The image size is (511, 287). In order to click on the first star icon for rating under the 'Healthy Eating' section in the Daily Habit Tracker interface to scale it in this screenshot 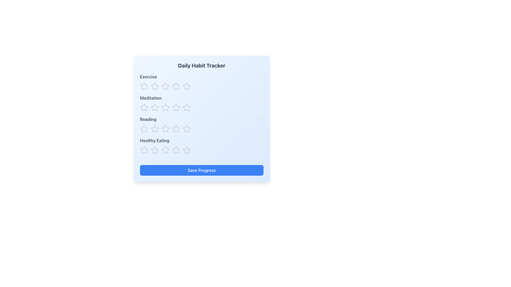, I will do `click(144, 150)`.